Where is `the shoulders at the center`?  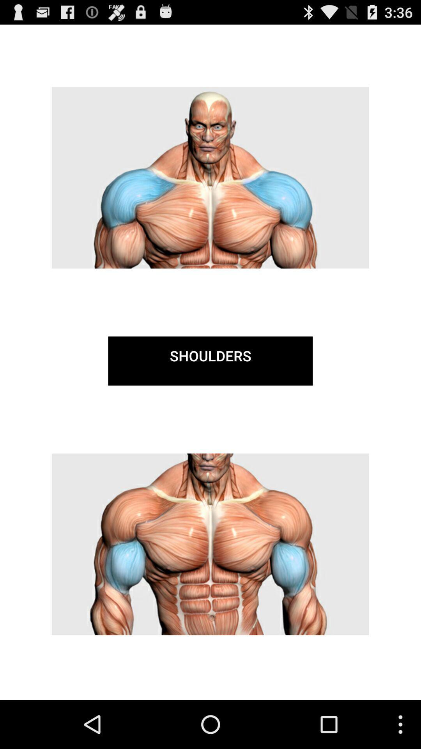 the shoulders at the center is located at coordinates (210, 360).